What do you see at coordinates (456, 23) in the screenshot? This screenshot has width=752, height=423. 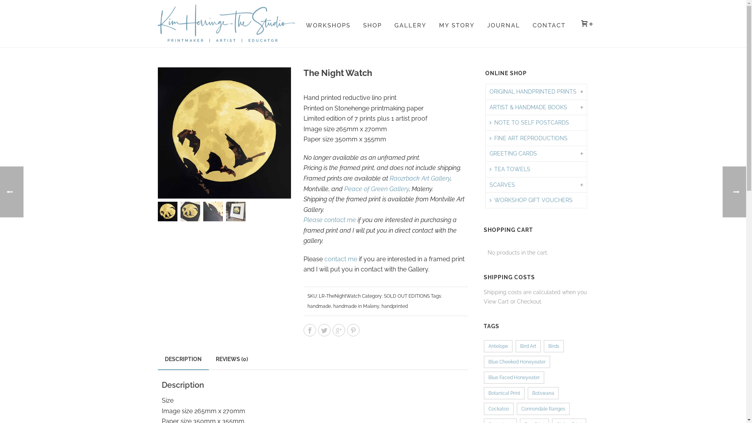 I see `'MY STORY'` at bounding box center [456, 23].